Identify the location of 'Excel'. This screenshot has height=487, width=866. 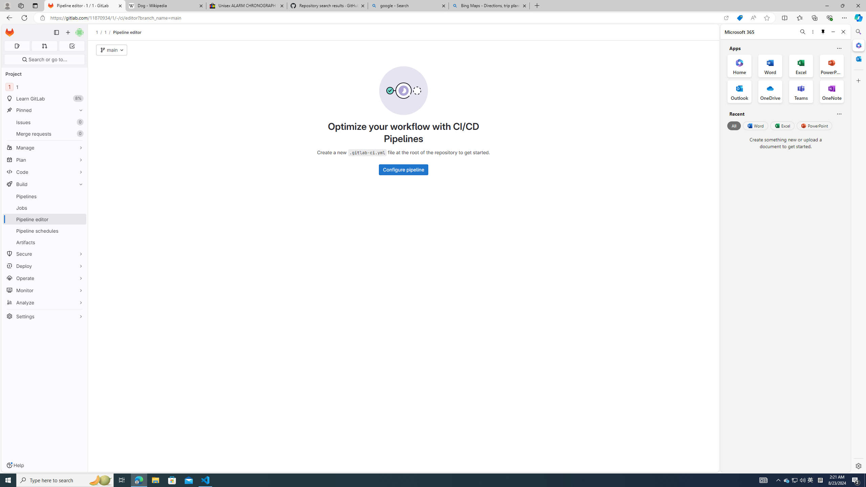
(782, 125).